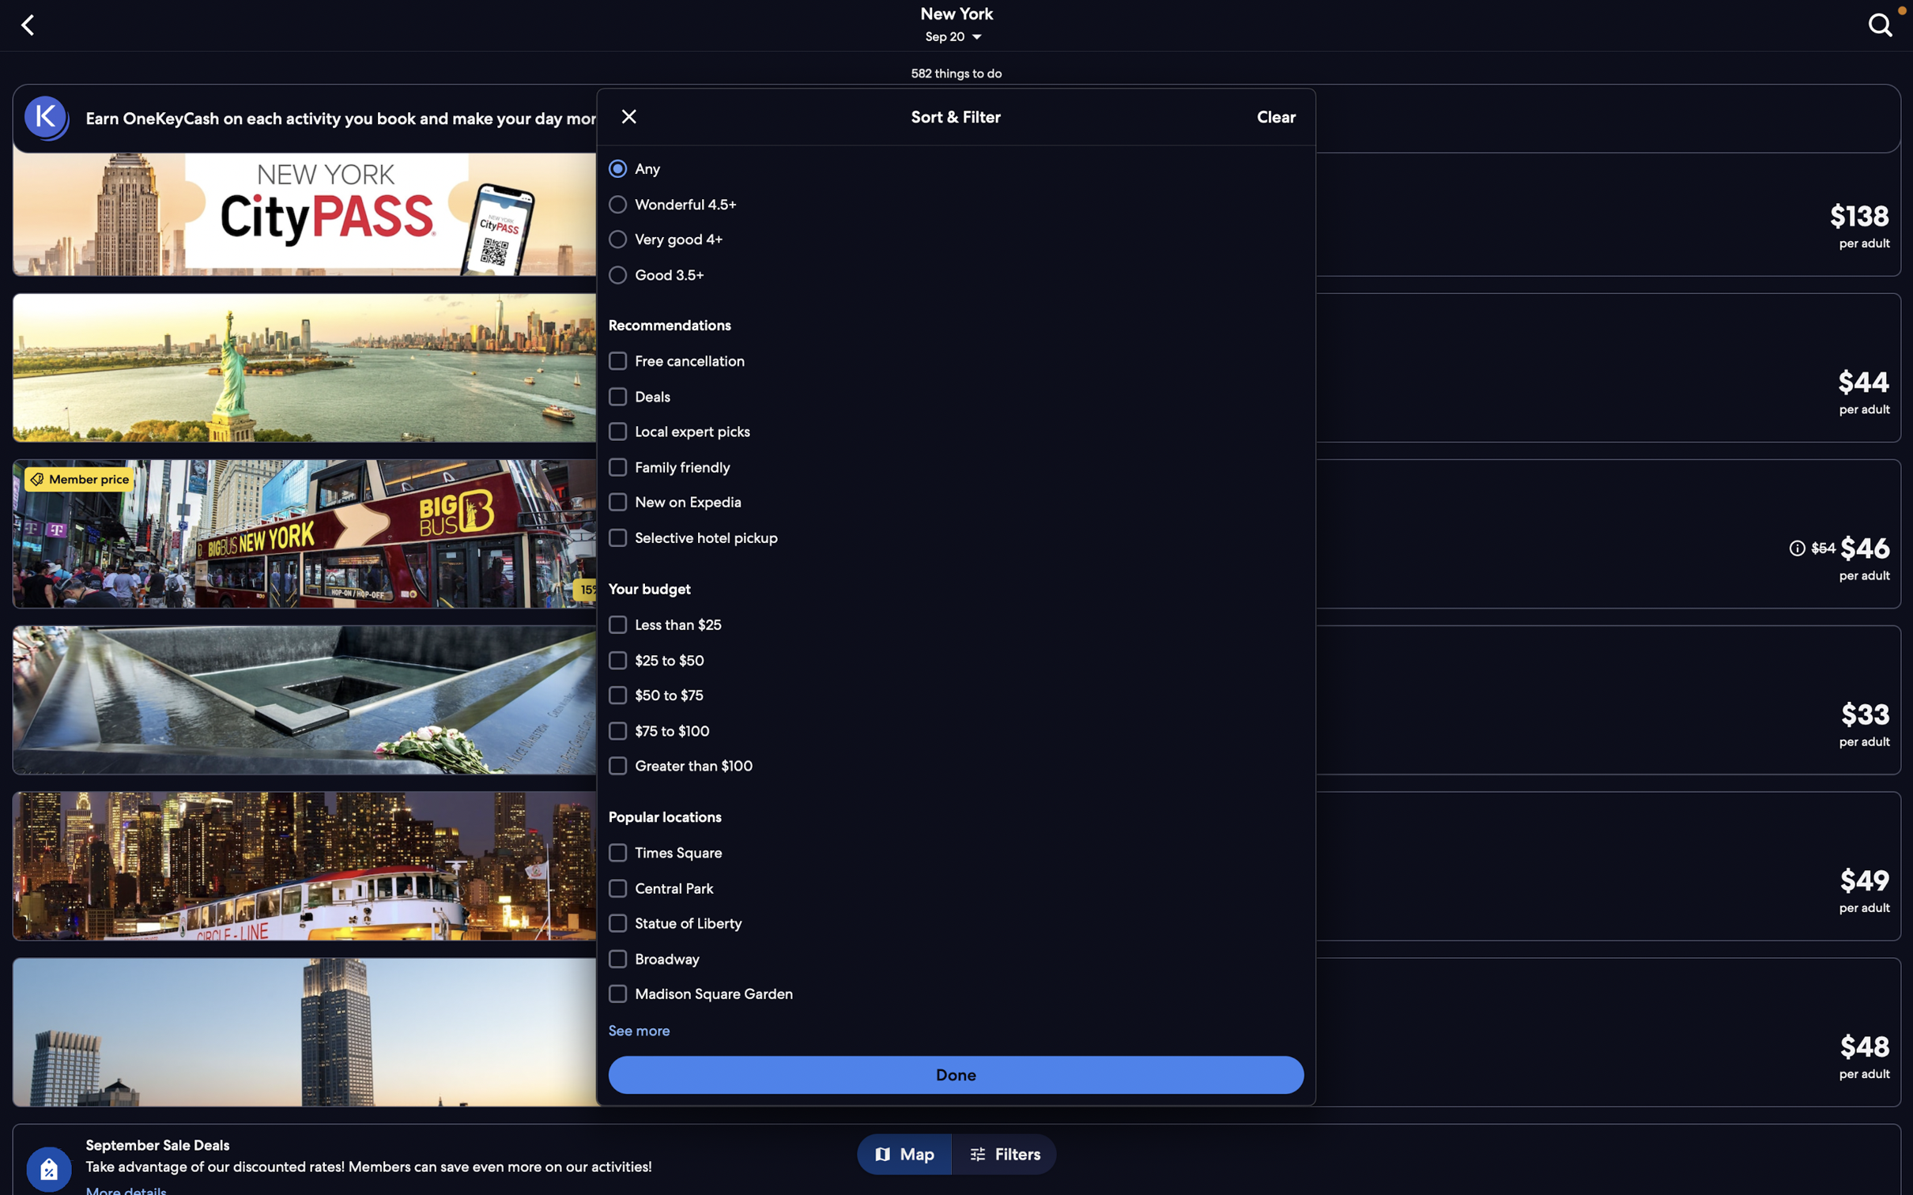  Describe the element at coordinates (958, 992) in the screenshot. I see `Pinpoint places adjacent to "Broadway" and "Times Square"` at that location.